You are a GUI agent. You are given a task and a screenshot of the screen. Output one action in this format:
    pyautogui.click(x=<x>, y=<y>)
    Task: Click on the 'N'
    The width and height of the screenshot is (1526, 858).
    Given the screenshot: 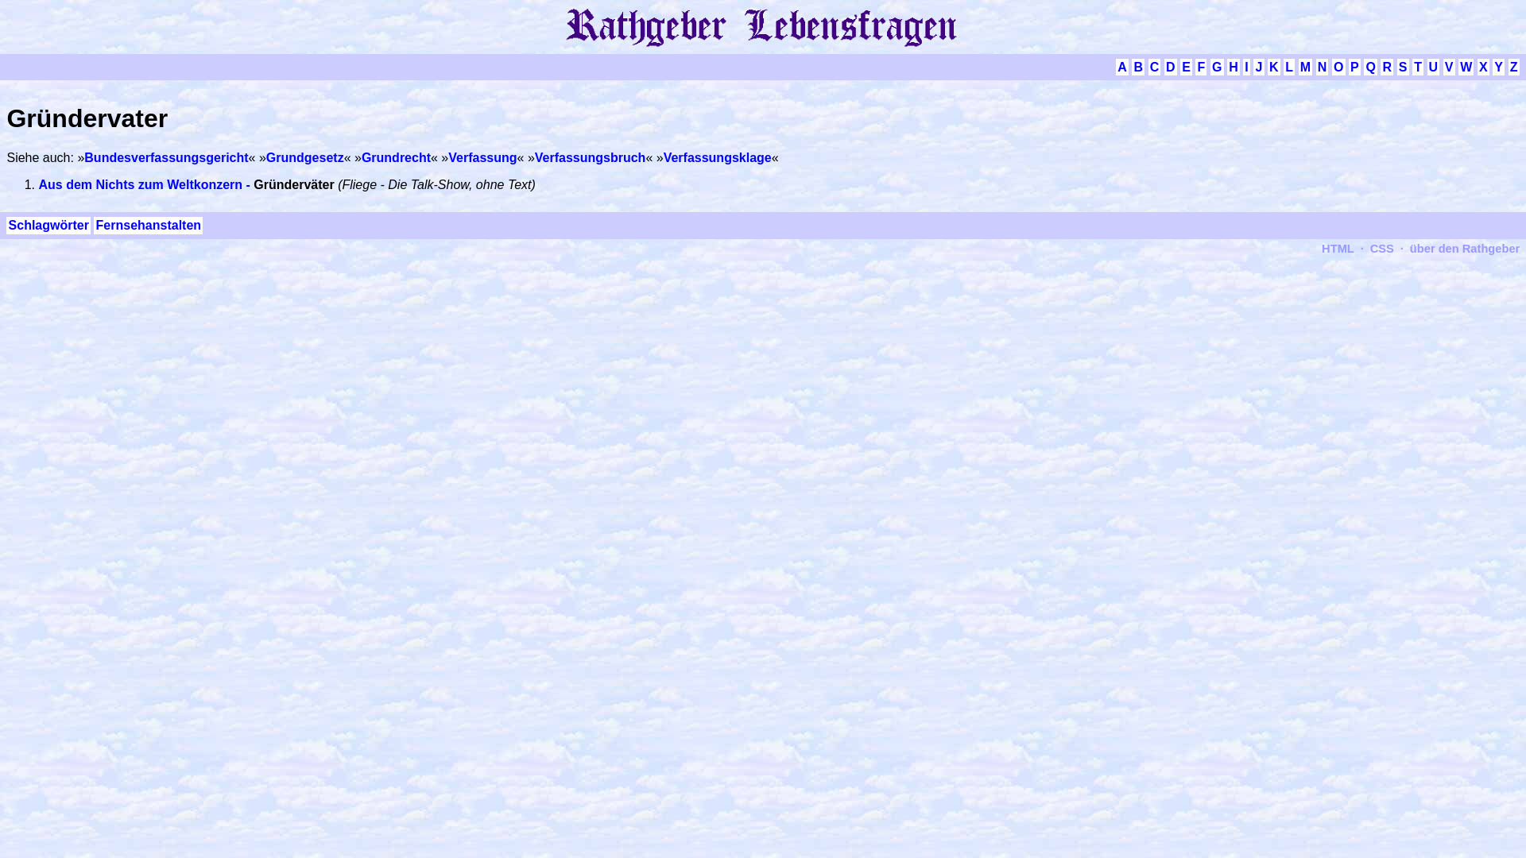 What is the action you would take?
    pyautogui.click(x=1323, y=66)
    